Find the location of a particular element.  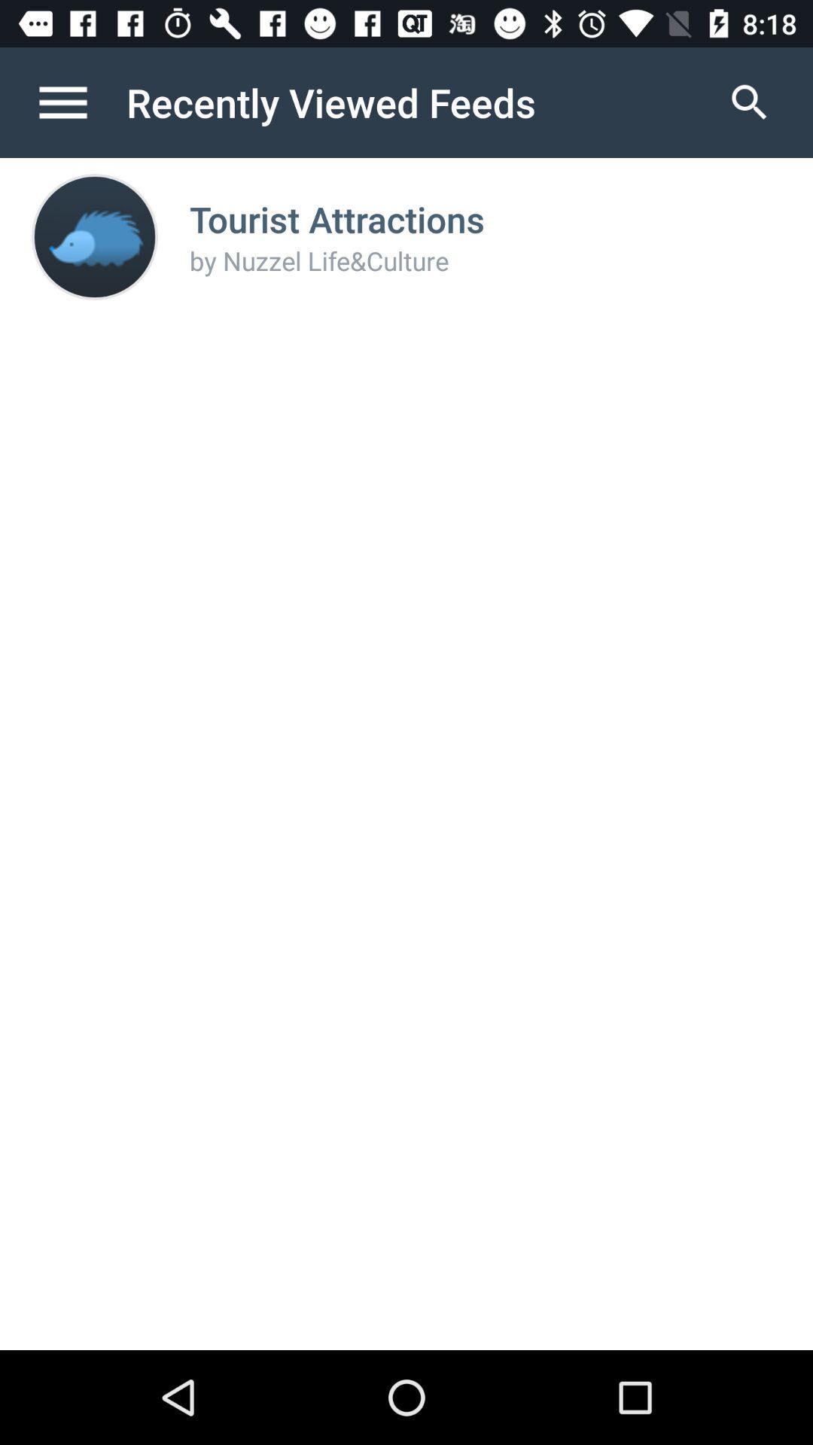

the icon above tourist attractions item is located at coordinates (749, 102).